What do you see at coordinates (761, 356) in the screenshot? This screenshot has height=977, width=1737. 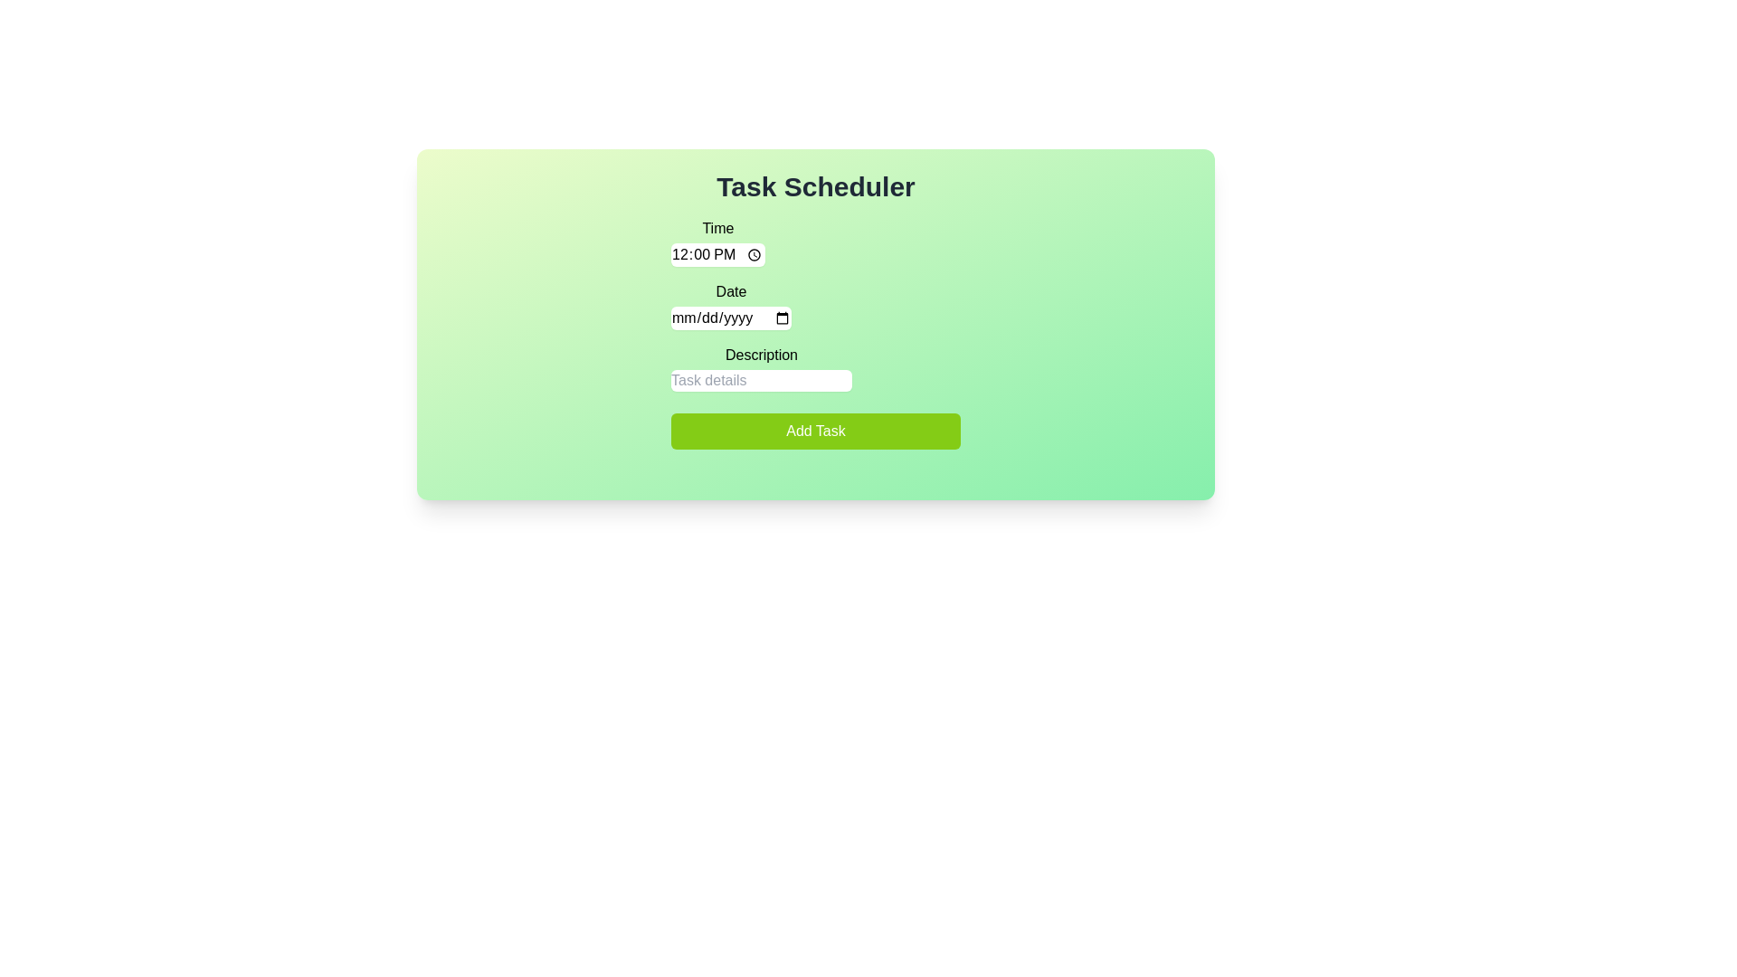 I see `the text label that reads 'Description', which is styled with a bold font and located above the 'Task details' input field in the 'Task Scheduler' section` at bounding box center [761, 356].